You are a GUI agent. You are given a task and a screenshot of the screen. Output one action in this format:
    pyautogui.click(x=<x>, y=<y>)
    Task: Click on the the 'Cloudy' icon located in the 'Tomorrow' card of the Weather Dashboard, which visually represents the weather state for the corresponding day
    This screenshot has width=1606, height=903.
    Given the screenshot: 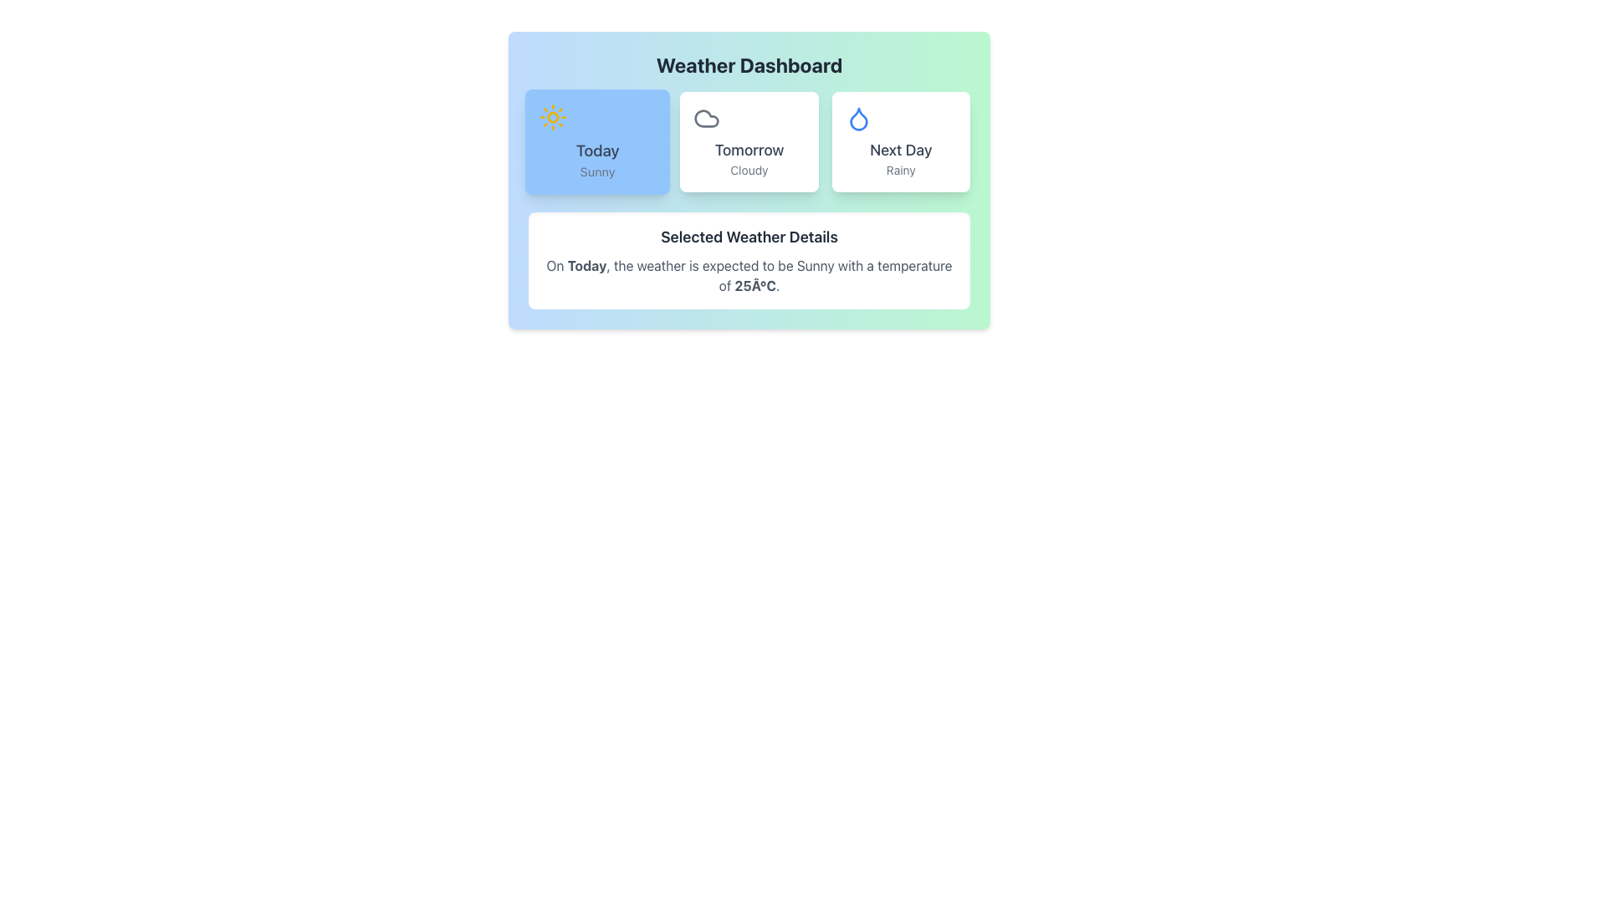 What is the action you would take?
    pyautogui.click(x=707, y=118)
    